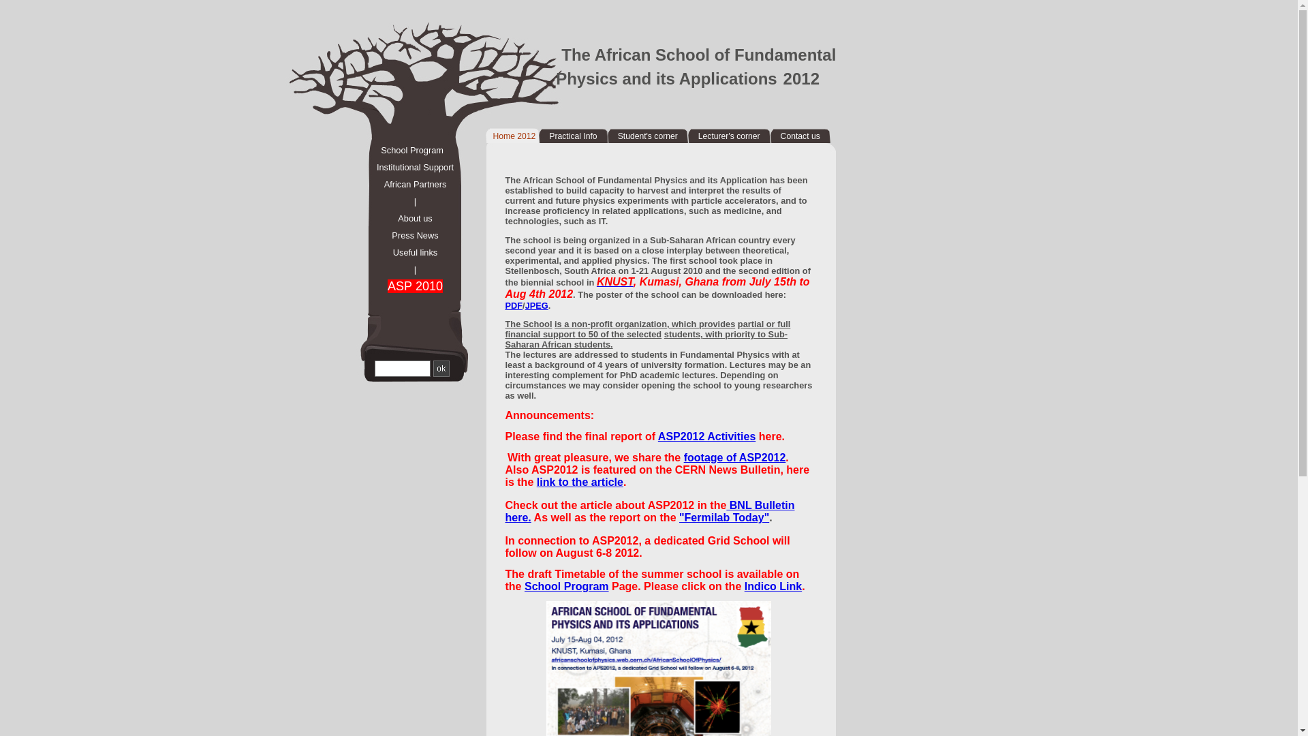 This screenshot has height=736, width=1308. Describe the element at coordinates (773, 585) in the screenshot. I see `'Indico Link'` at that location.